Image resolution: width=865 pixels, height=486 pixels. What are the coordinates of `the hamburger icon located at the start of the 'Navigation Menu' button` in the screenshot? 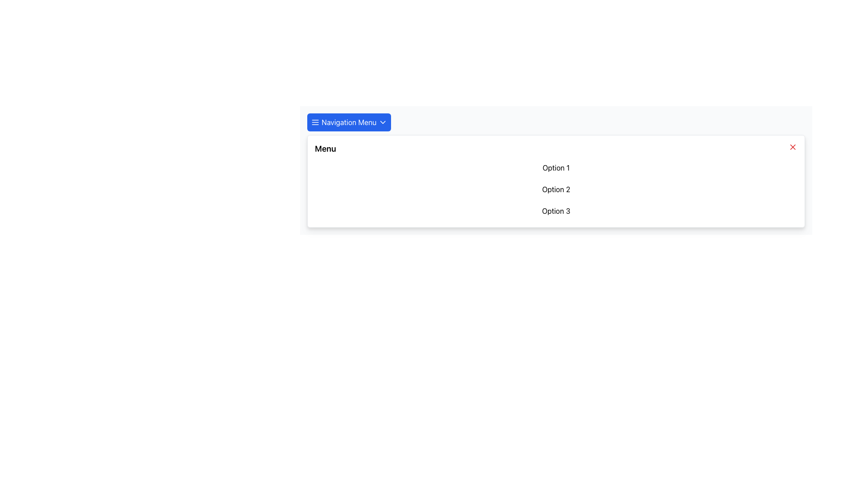 It's located at (315, 122).